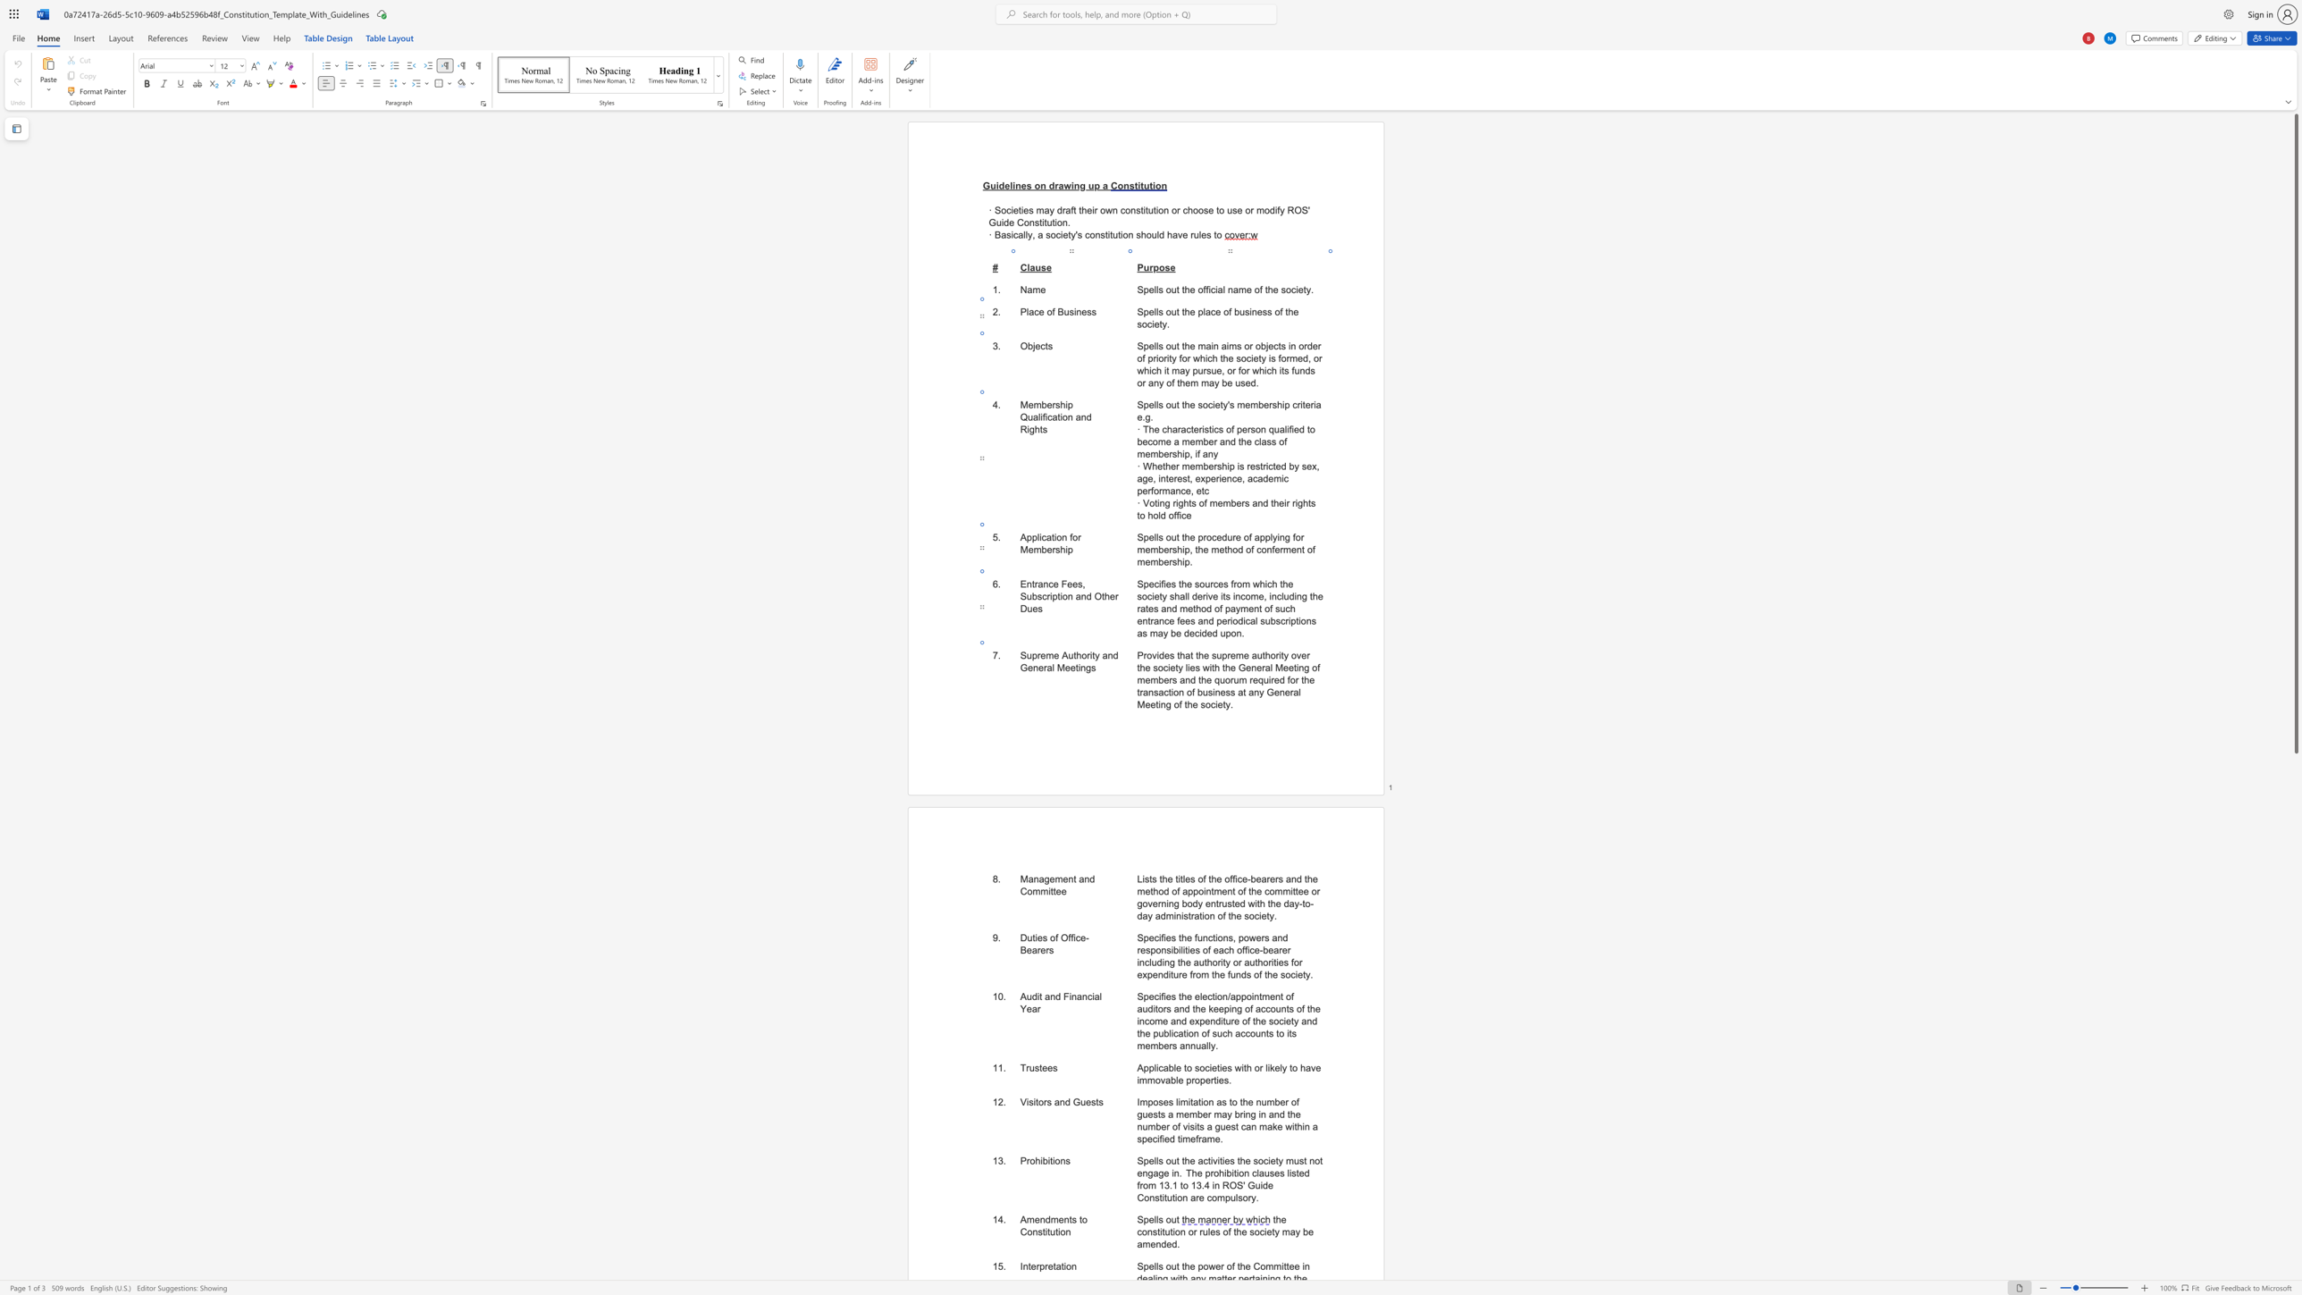 The image size is (2302, 1295). Describe the element at coordinates (1089, 996) in the screenshot. I see `the 1th character "c" in the text` at that location.